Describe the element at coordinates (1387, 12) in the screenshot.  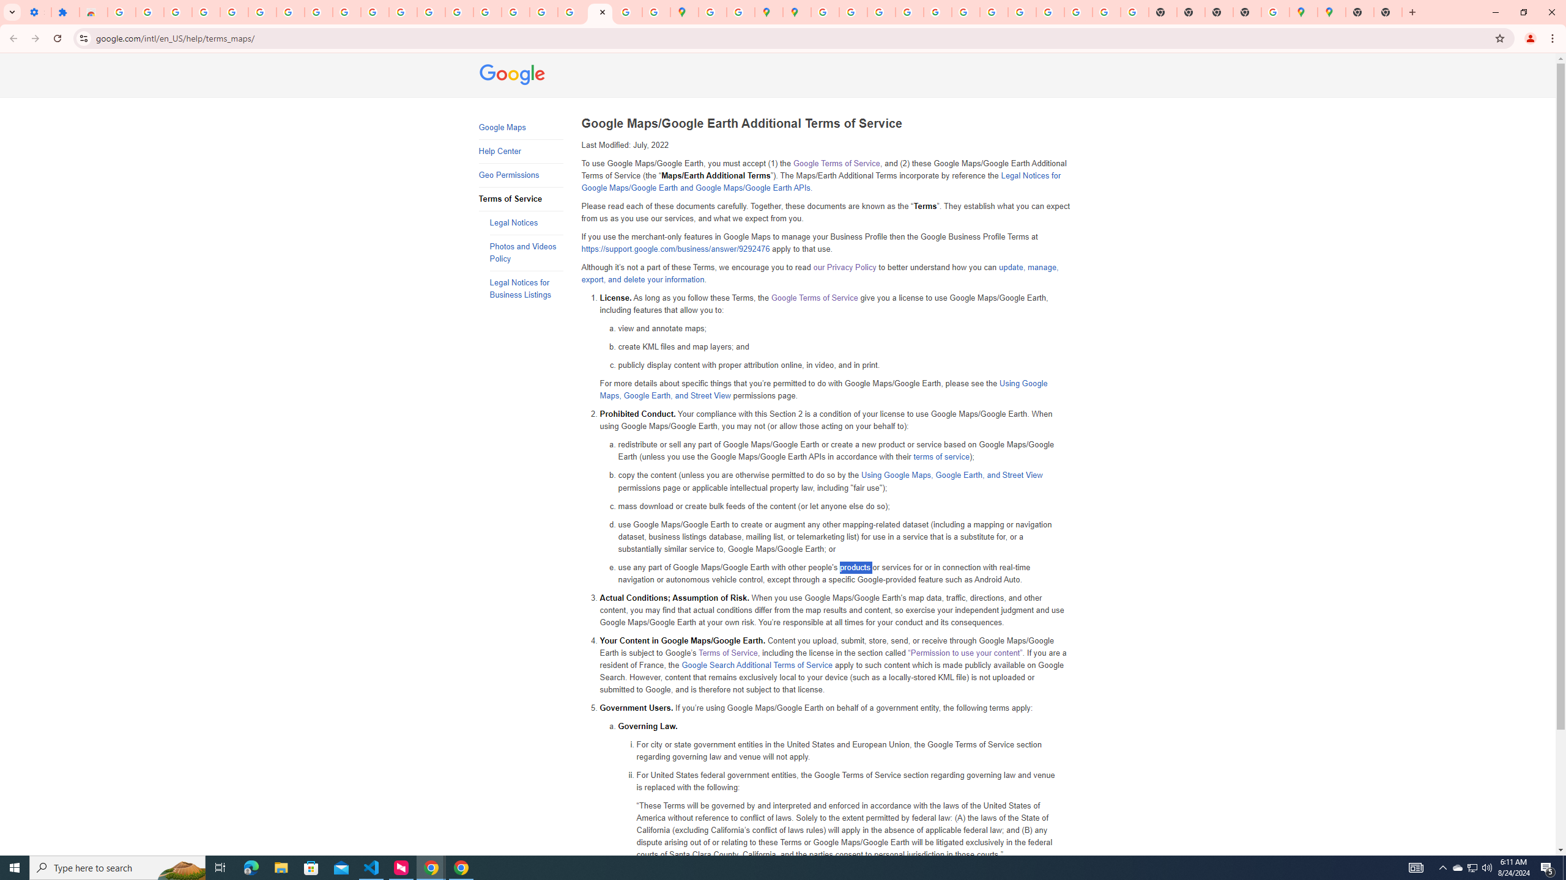
I see `'New Tab'` at that location.